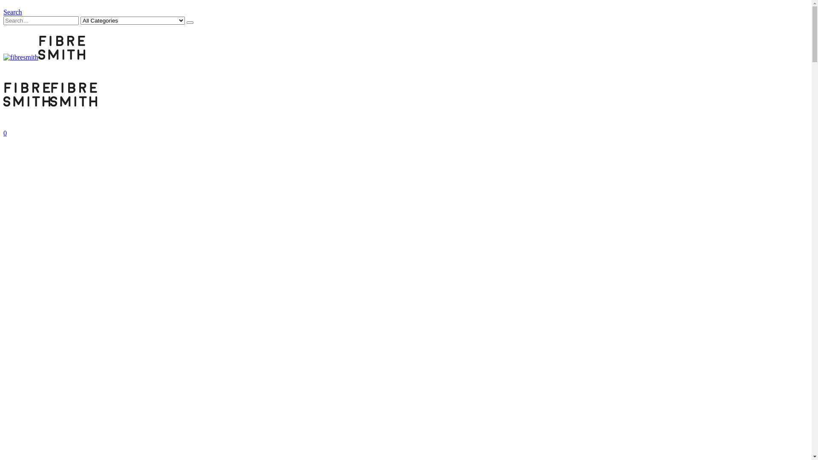 This screenshot has width=818, height=460. What do you see at coordinates (44, 57) in the screenshot?
I see `'fibresmith - cloth & yarn'` at bounding box center [44, 57].